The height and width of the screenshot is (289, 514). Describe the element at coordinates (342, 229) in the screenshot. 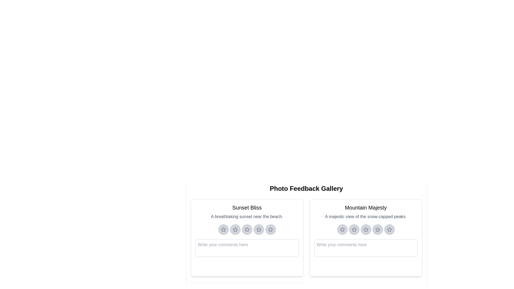

I see `the first button in the horizontal group of five star buttons` at that location.